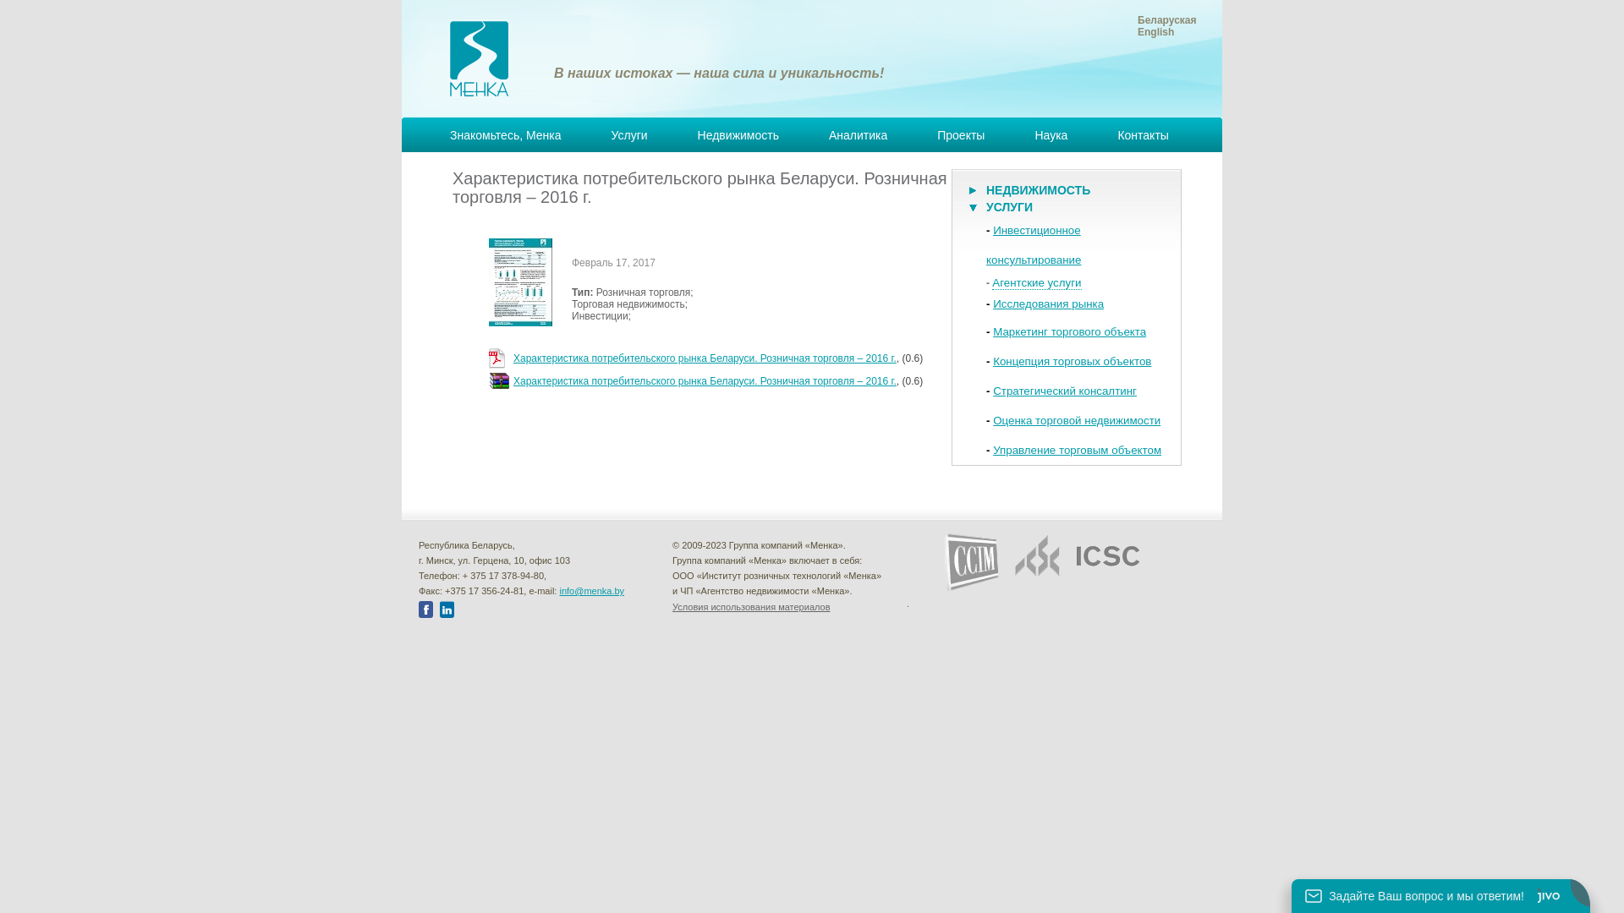 The image size is (1624, 913). I want to click on '.', so click(907, 602).